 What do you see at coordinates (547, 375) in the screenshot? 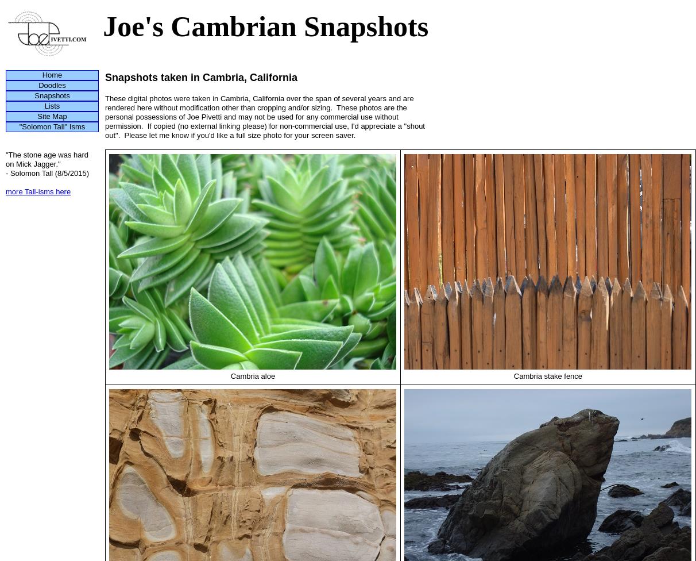
I see `'Cambria stake fence'` at bounding box center [547, 375].